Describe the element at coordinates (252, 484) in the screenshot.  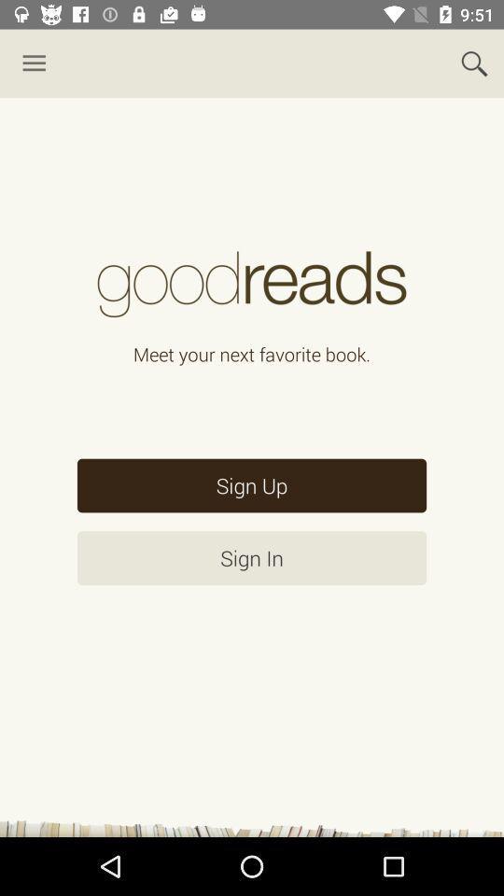
I see `sign up item` at that location.